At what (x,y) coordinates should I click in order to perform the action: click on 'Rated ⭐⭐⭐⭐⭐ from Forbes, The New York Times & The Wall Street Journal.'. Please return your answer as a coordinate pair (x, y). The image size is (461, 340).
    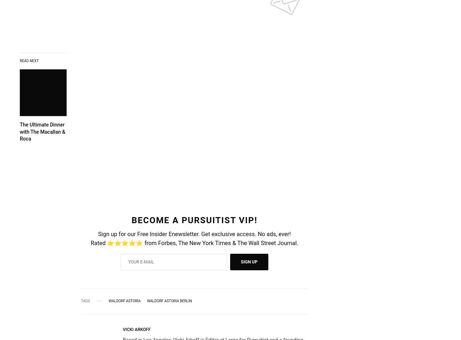
    Looking at the image, I should click on (194, 243).